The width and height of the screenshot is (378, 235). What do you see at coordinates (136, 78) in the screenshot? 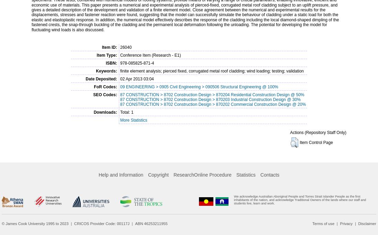
I see `'02 Apr 2013 03:04'` at bounding box center [136, 78].